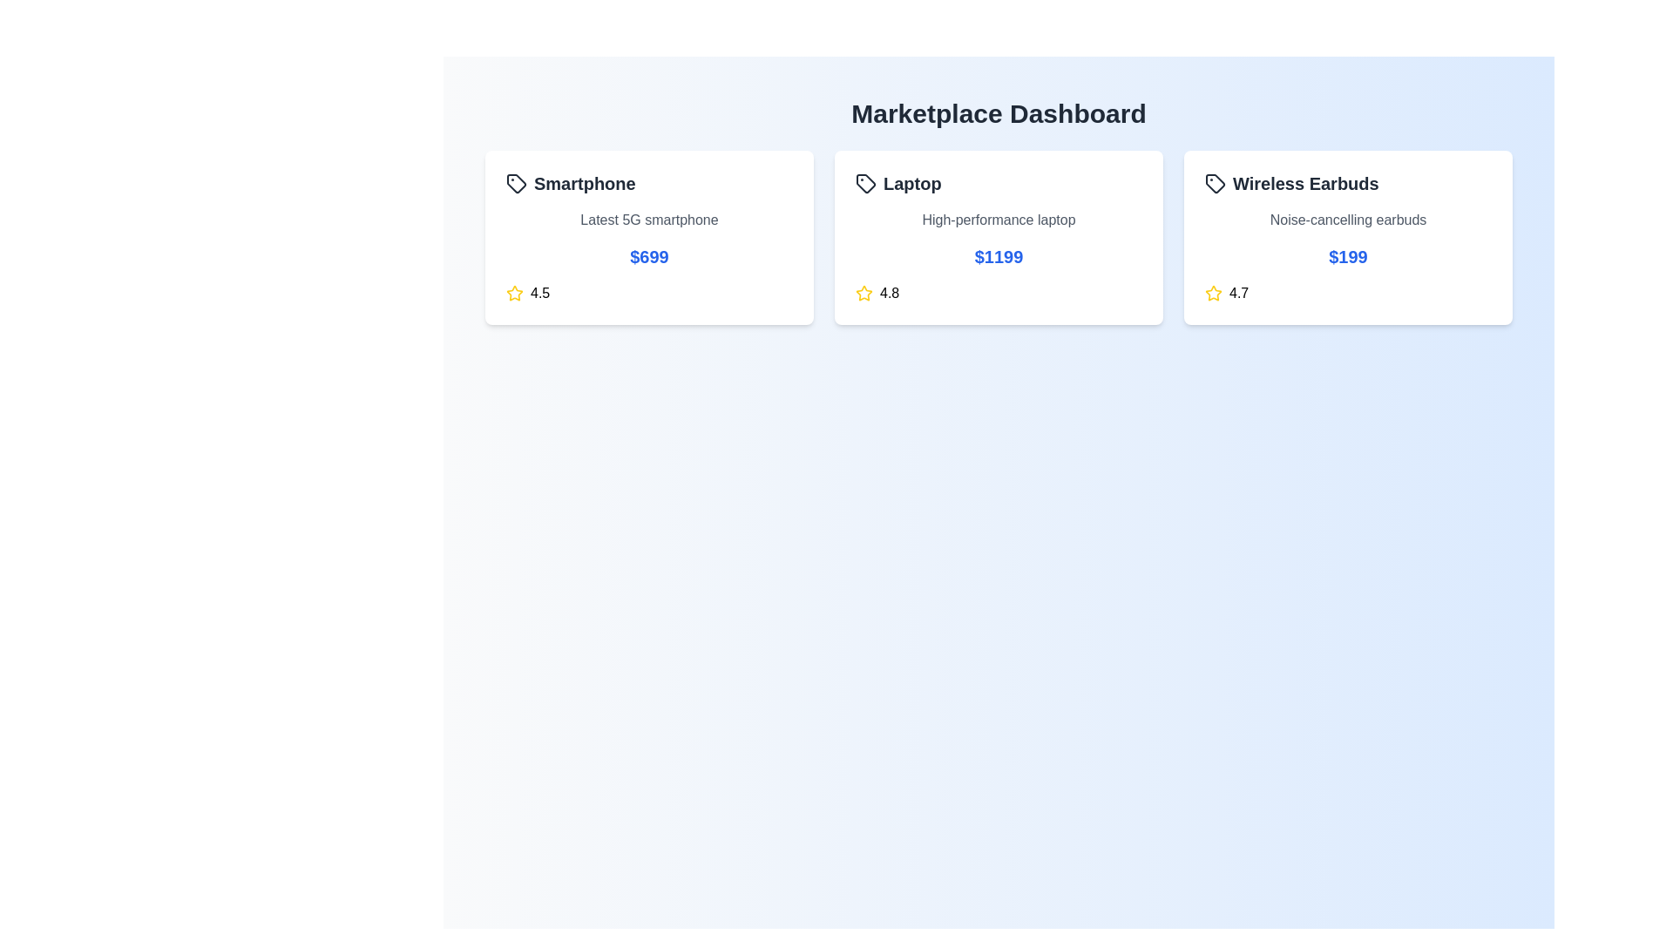 The image size is (1673, 941). What do you see at coordinates (1212, 292) in the screenshot?
I see `the star icon representing the user rating for the 'Wireless Earbuds' product, which is located slightly to the left of the numerical rating '4.7' in the last card of the grid` at bounding box center [1212, 292].